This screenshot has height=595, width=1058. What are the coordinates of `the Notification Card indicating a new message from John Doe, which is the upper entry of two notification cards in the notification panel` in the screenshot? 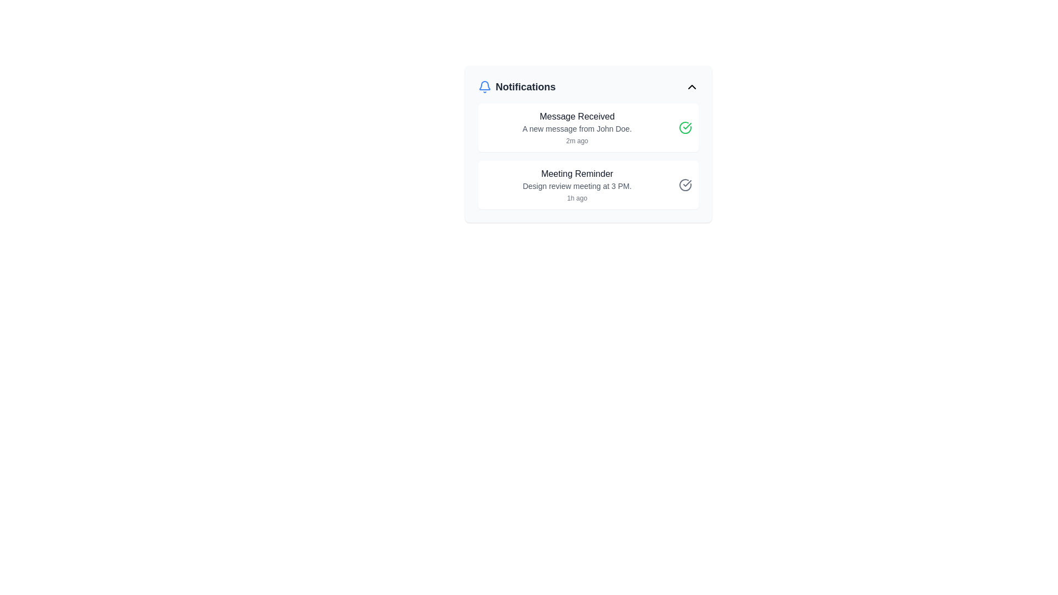 It's located at (587, 144).